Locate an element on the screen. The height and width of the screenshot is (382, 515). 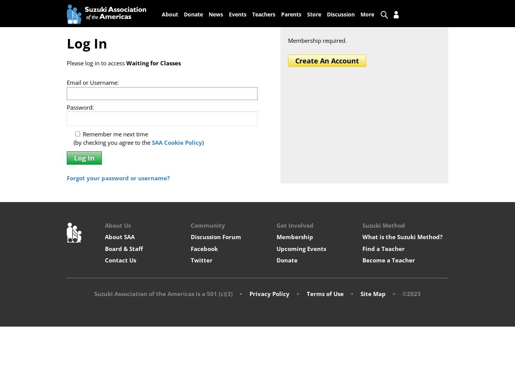
'About SAA' is located at coordinates (119, 236).